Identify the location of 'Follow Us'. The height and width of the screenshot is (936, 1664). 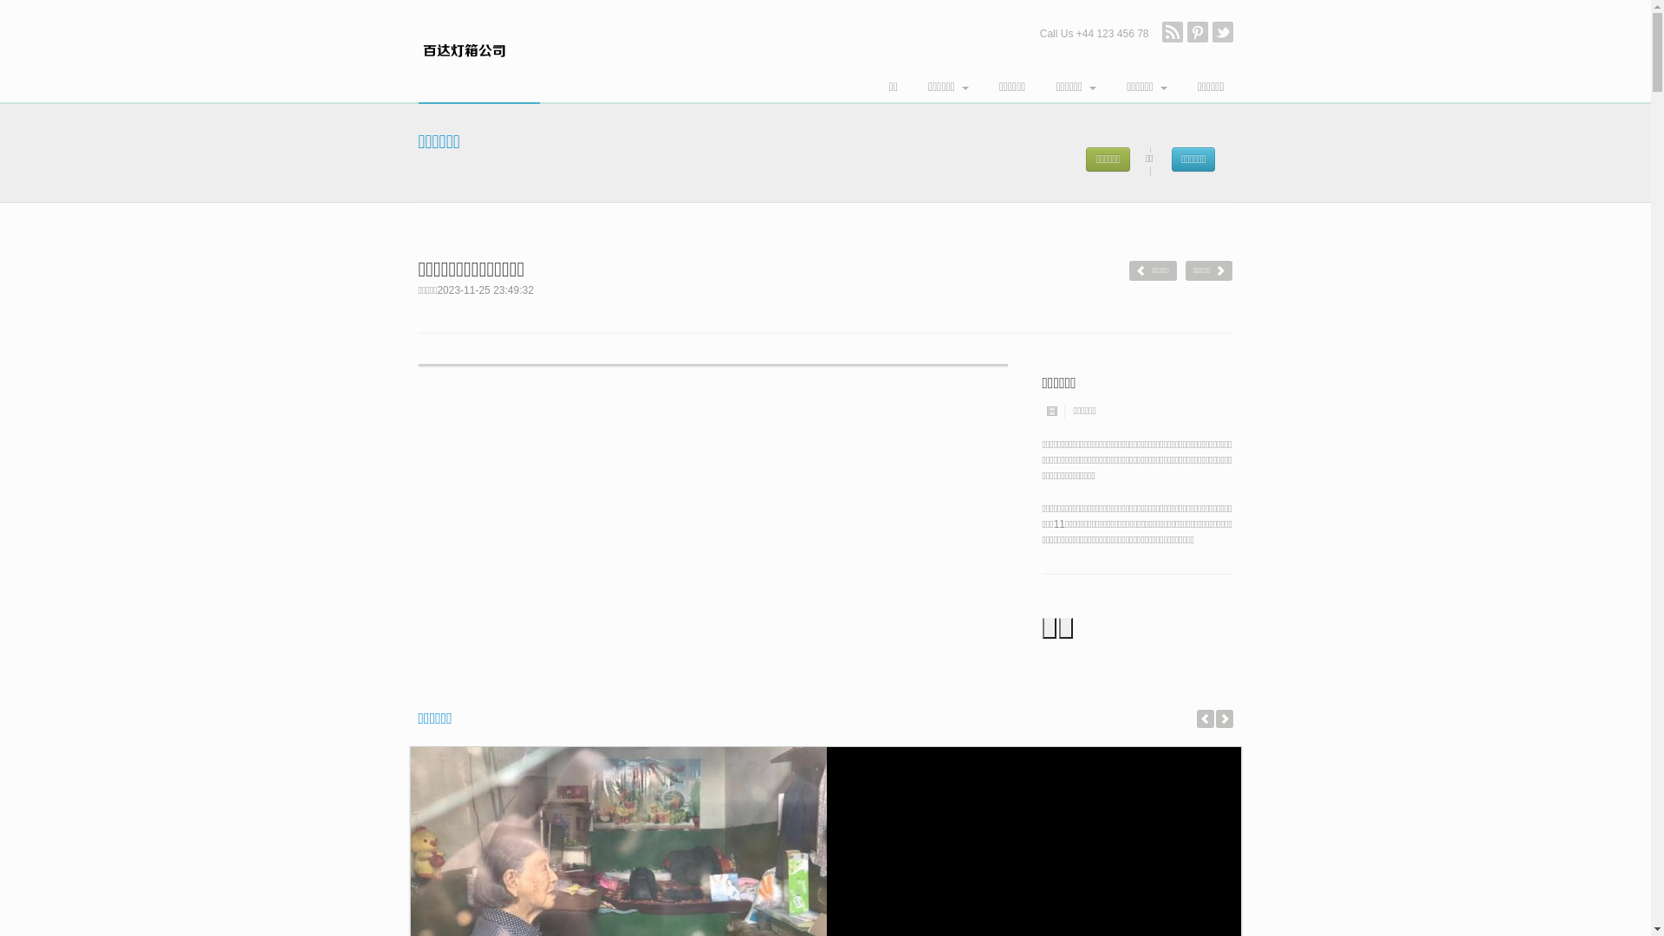
(1221, 32).